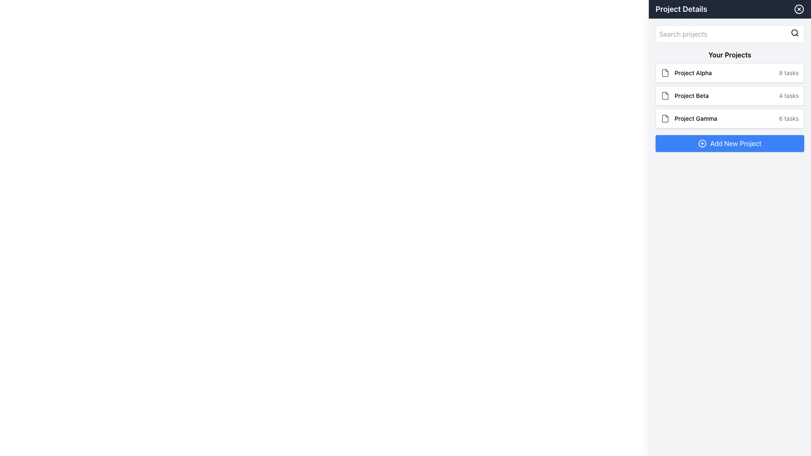  I want to click on the text label displaying 'Project Details' in bold white font at the top-right corner of the interface, so click(681, 9).